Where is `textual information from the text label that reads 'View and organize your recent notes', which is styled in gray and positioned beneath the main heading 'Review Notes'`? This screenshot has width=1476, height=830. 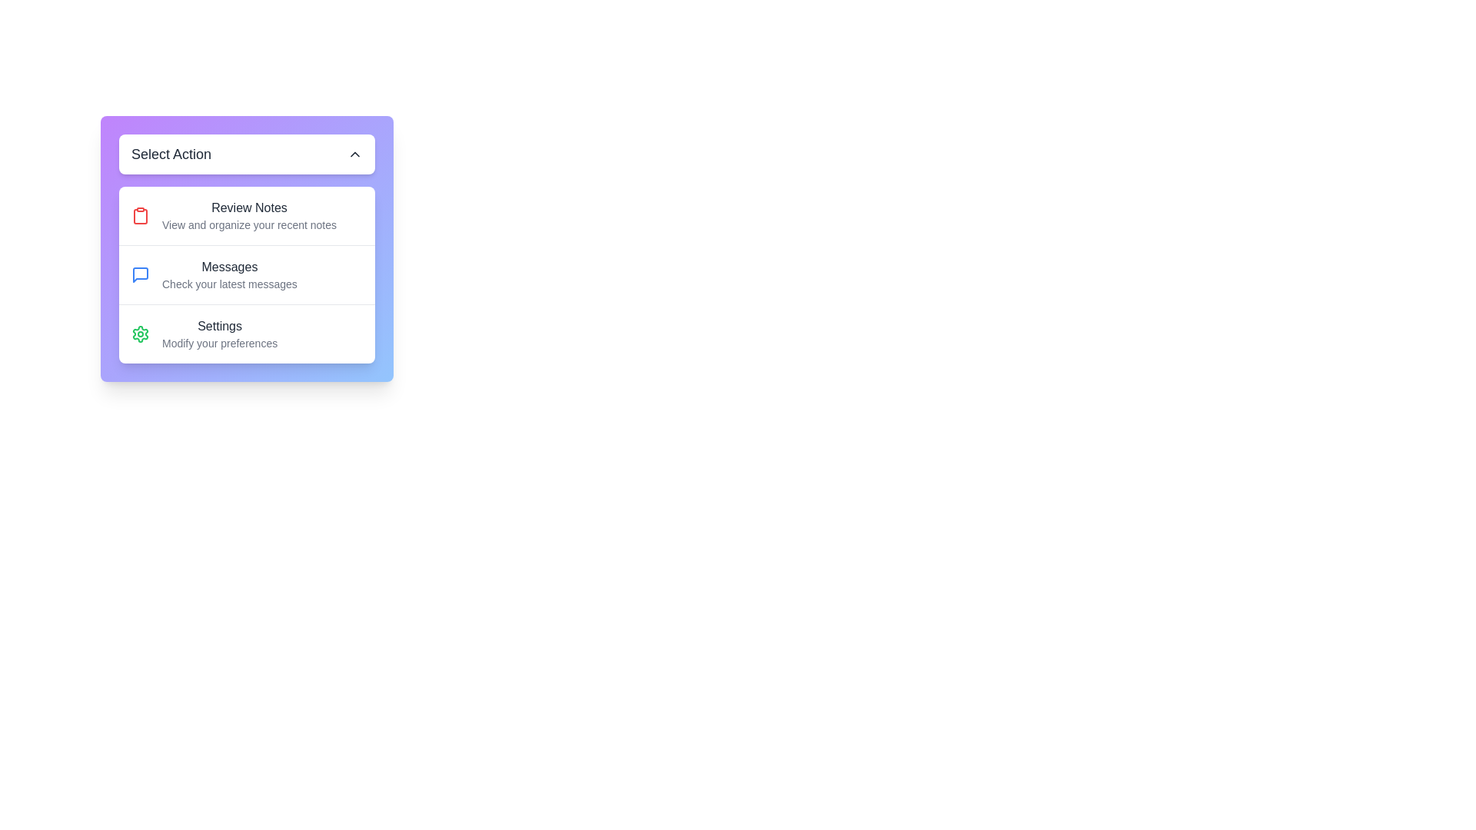 textual information from the text label that reads 'View and organize your recent notes', which is styled in gray and positioned beneath the main heading 'Review Notes' is located at coordinates (249, 225).